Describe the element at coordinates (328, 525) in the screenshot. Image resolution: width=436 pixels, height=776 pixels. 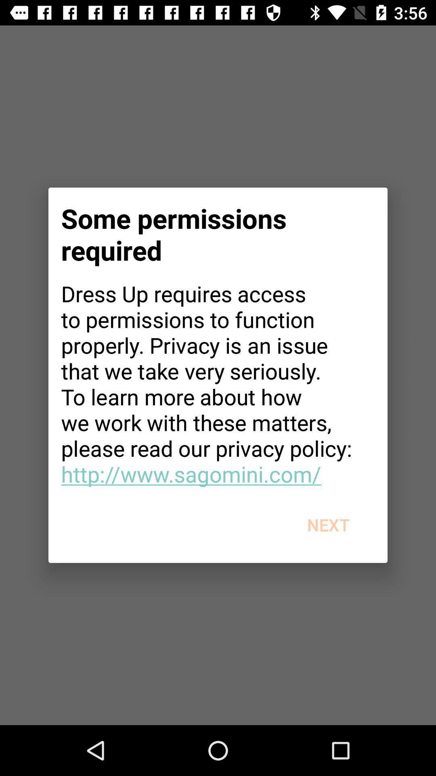
I see `next icon` at that location.